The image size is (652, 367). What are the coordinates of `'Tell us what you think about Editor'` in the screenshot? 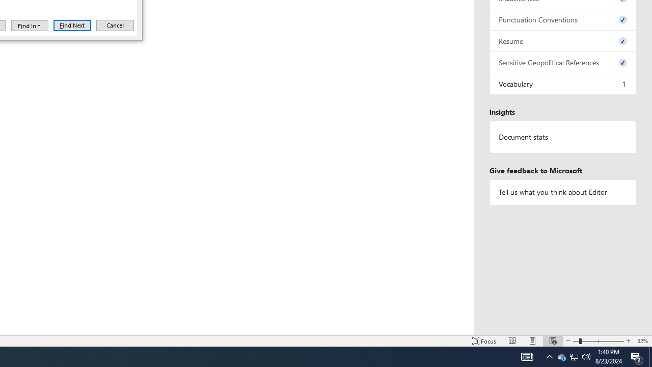 It's located at (562, 192).